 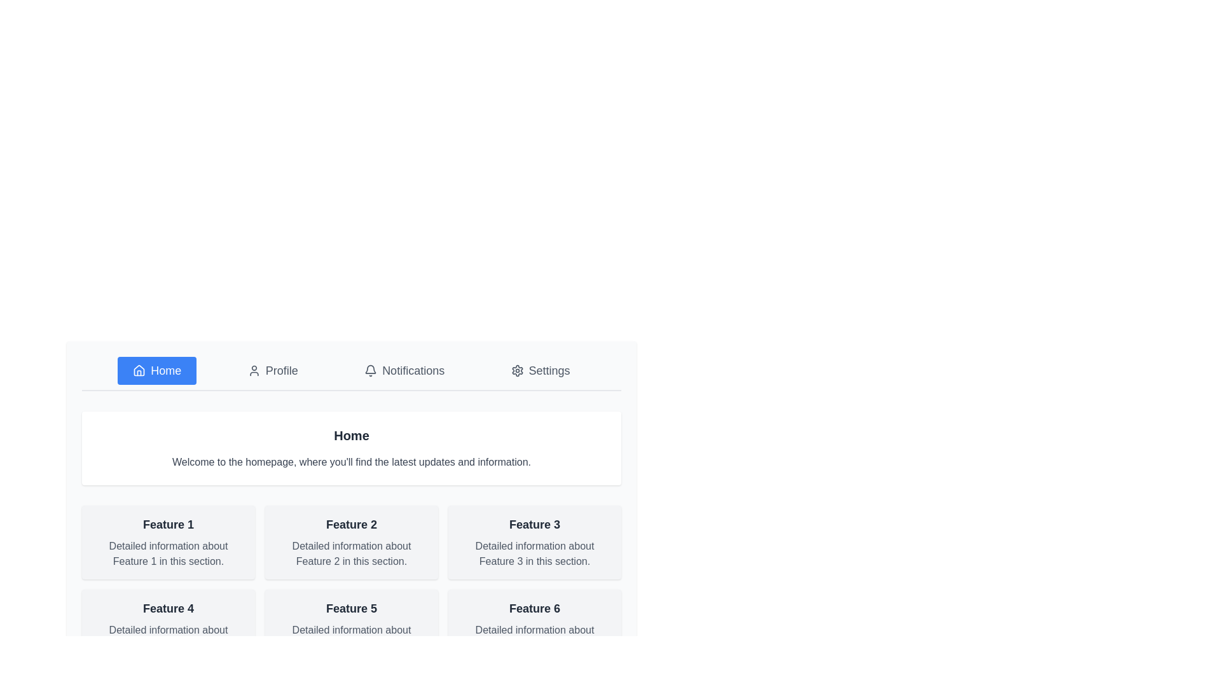 What do you see at coordinates (351, 625) in the screenshot?
I see `the informational card that presents 'Feature 5' and its associated description, located in the second row, center column of a 3x2 grid layout` at bounding box center [351, 625].